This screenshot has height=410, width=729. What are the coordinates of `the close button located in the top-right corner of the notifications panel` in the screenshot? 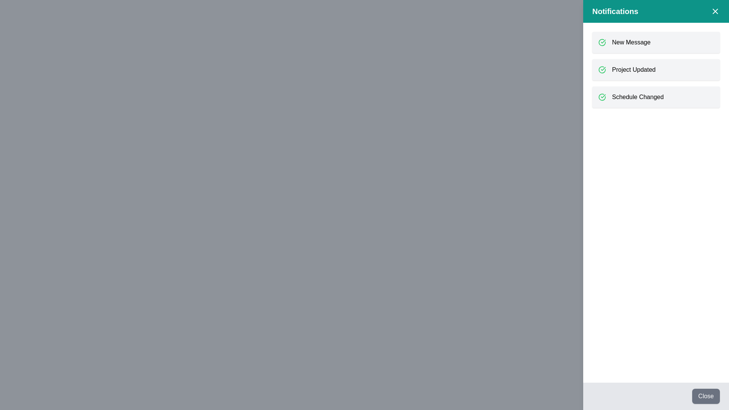 It's located at (712, 16).